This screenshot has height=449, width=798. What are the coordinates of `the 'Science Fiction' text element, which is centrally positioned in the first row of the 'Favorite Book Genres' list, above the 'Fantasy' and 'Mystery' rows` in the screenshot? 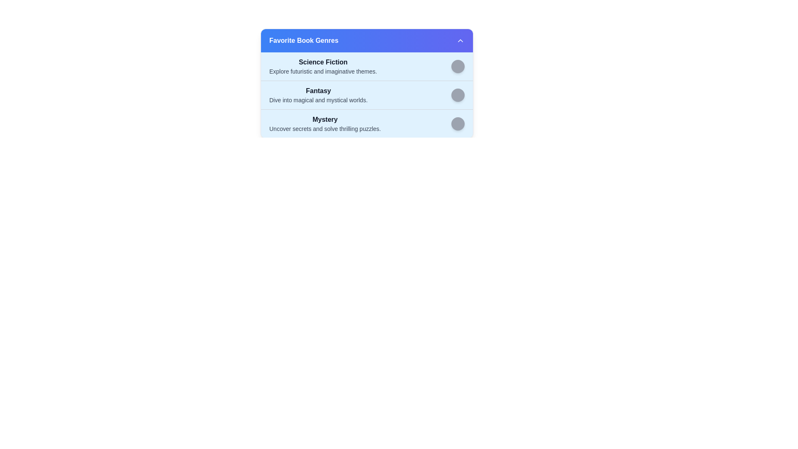 It's located at (323, 66).